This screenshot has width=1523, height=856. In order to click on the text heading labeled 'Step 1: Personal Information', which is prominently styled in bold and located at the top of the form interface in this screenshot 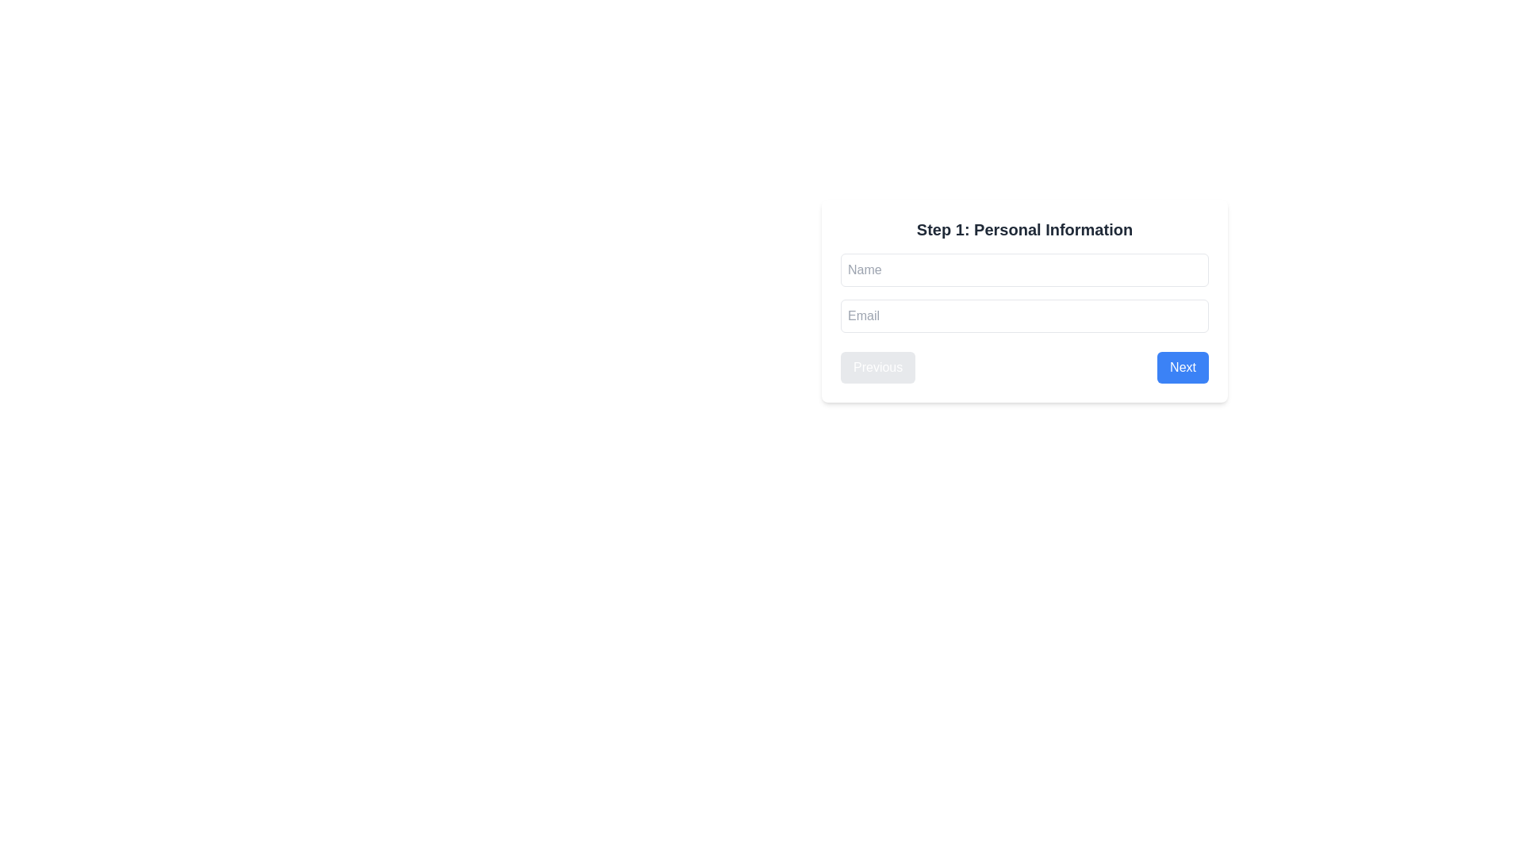, I will do `click(1024, 229)`.